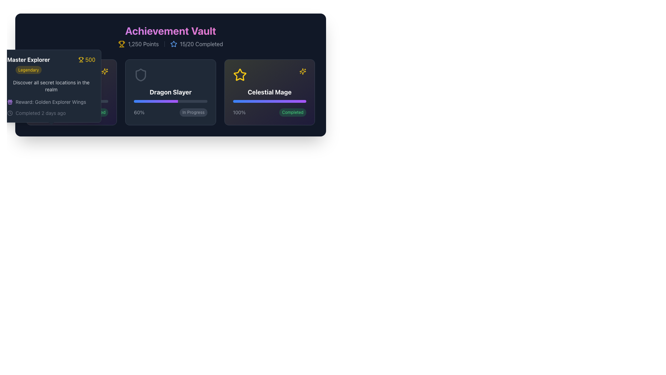 This screenshot has width=666, height=375. I want to click on the visual styling of the 'In Progress' badge, which is a small rectangular badge with a dark background and light gray text, located within the 'Dragon Slayer' card, aligned with the progress percentage indicator, so click(193, 112).